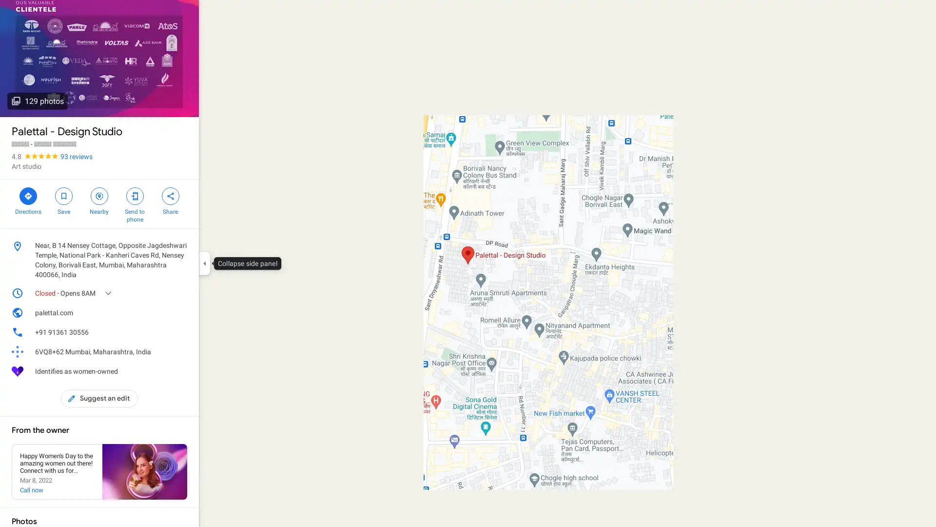 Image resolution: width=936 pixels, height=527 pixels. I want to click on Call phone number, so click(182, 332).